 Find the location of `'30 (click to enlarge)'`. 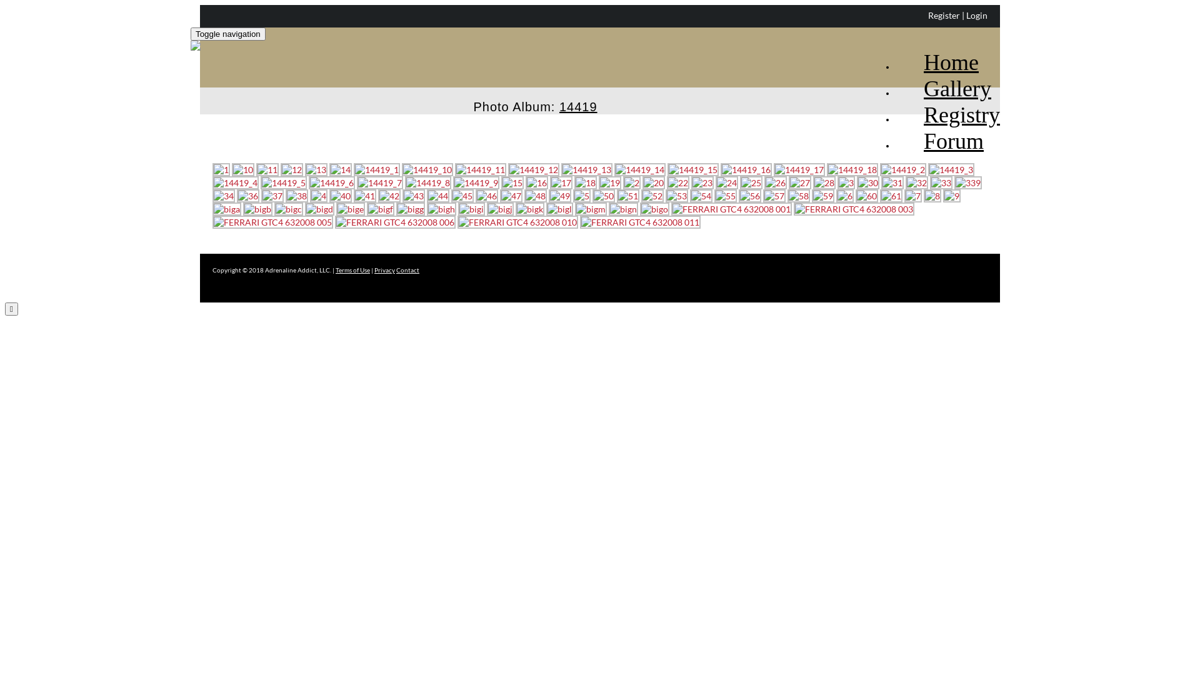

'30 (click to enlarge)' is located at coordinates (867, 182).